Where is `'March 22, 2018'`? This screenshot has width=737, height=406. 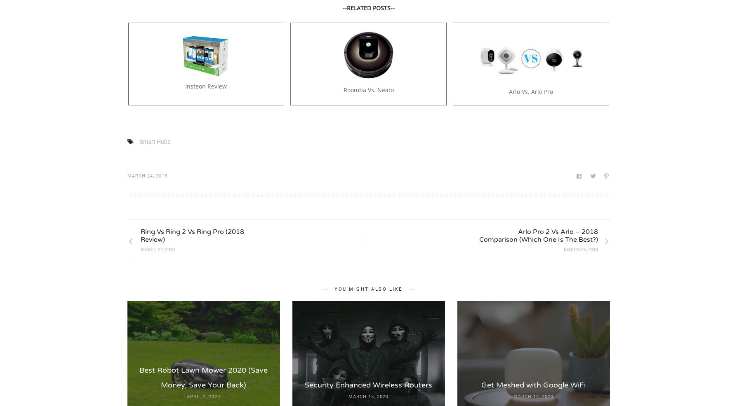 'March 22, 2018' is located at coordinates (157, 249).